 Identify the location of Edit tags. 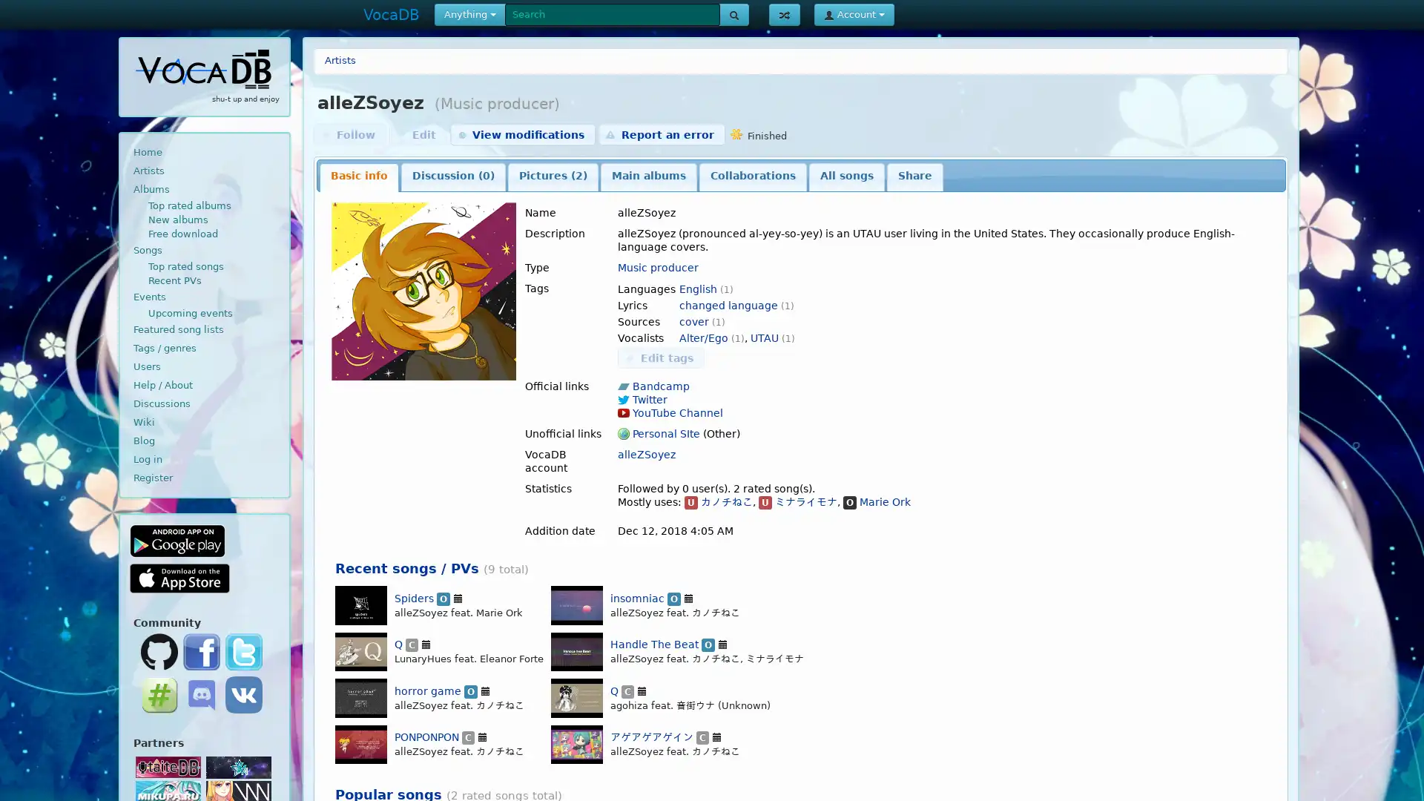
(660, 357).